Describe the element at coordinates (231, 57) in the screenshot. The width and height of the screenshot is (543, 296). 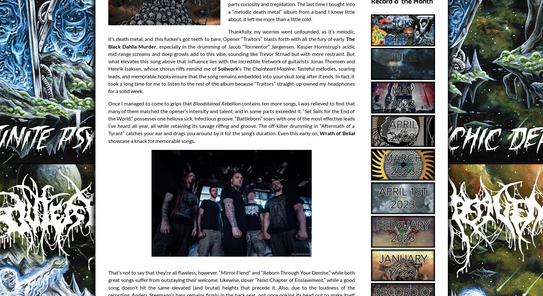
I see `', especially in the drumming of Jacob “Tormentor” Jørgensen. Kasper Hornstrup’s acidic mid-range screams and deep growls add to this vibe, sounding like Trevor Strnad but with more restraint. But what elevates this song above that influence lies with the incredible fretwork of guitarists Jonas Thomsen and Henrik Isaksen, whose chorus riffs remind me of'` at that location.